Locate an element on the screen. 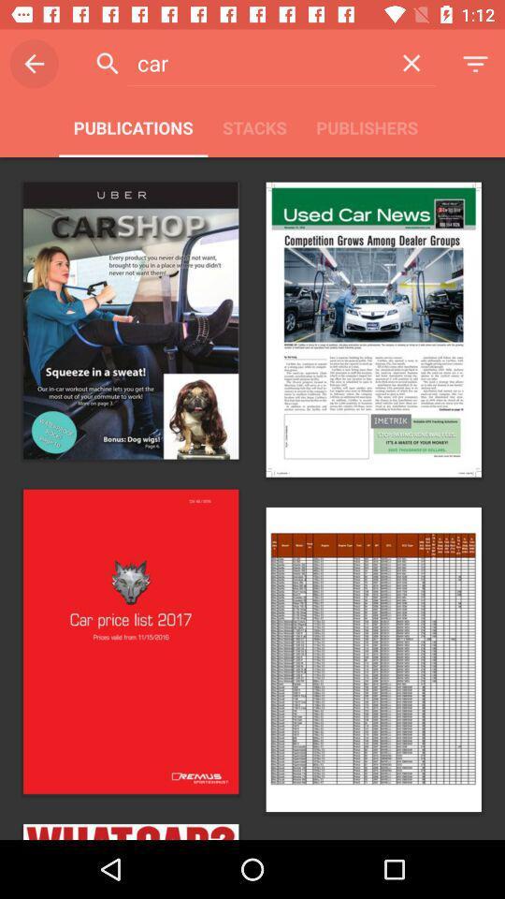 The image size is (505, 899). item above publications item is located at coordinates (256, 63).